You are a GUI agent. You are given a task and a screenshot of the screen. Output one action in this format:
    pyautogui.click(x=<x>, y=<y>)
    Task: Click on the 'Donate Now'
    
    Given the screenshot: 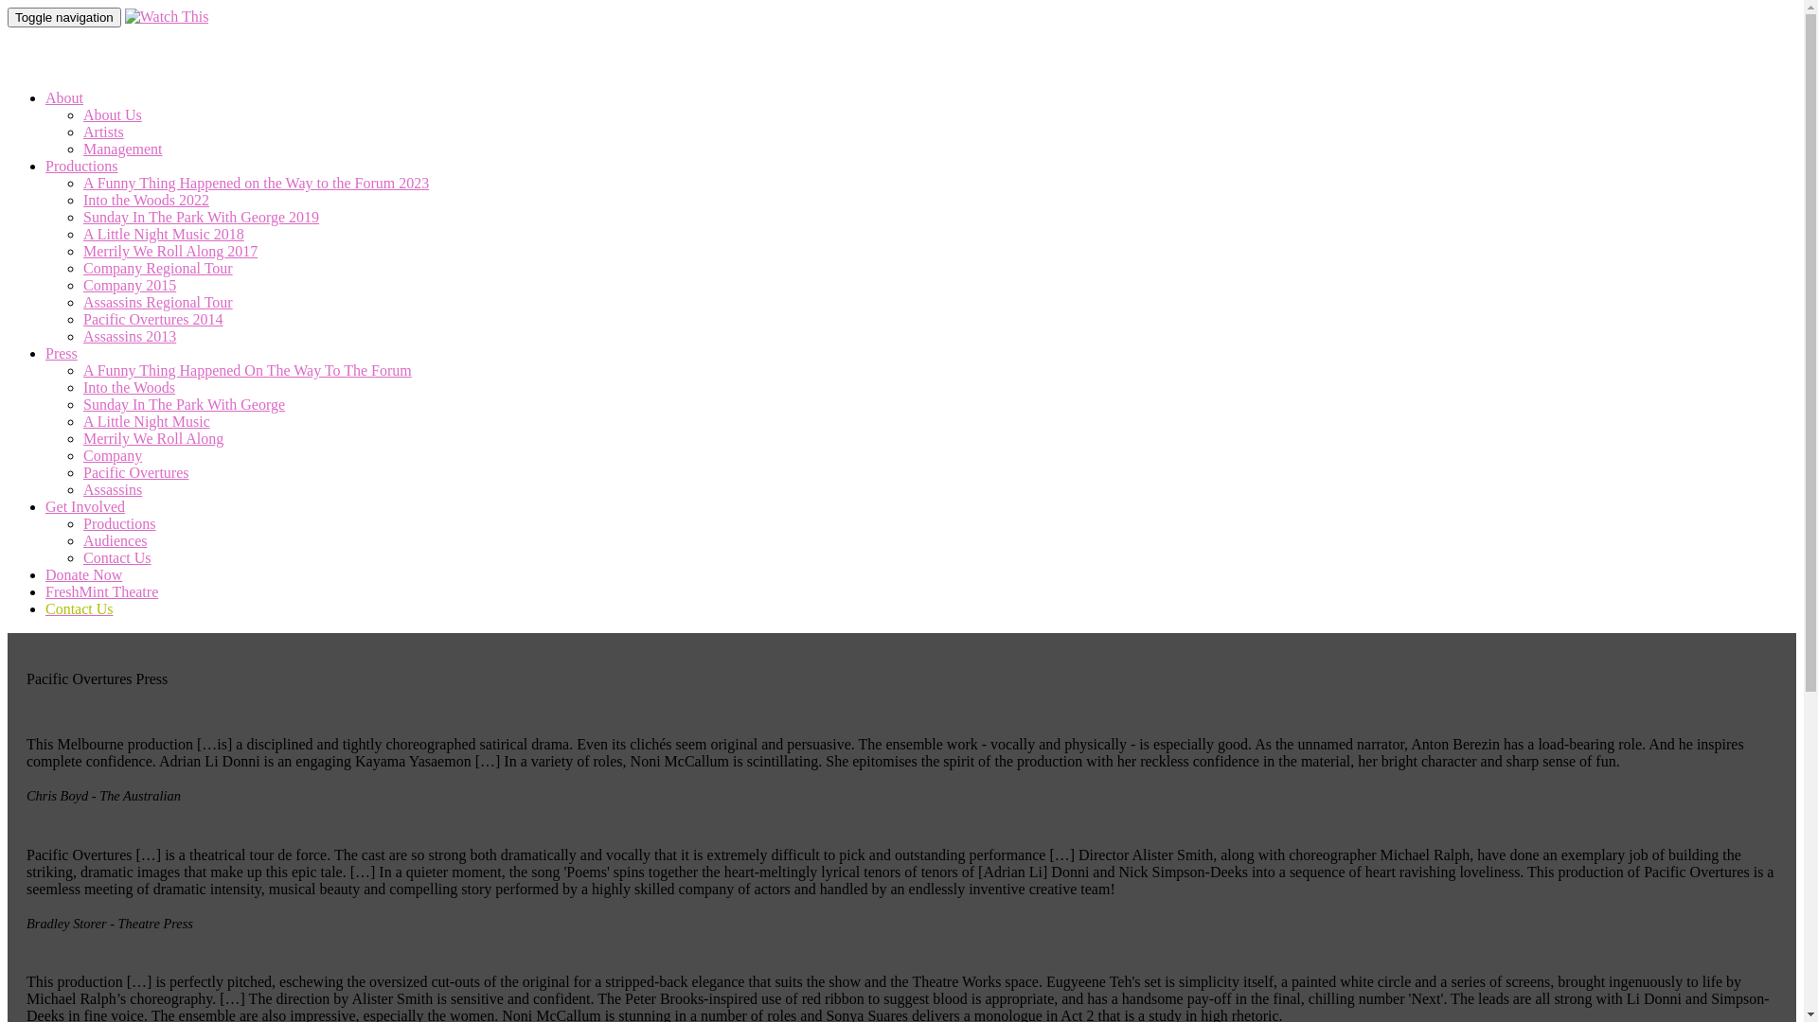 What is the action you would take?
    pyautogui.click(x=82, y=573)
    